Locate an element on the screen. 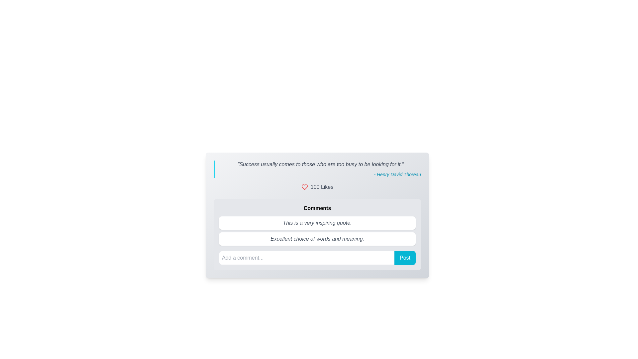  the likes button that displays the number of likes and allows toggling the like status, located in the panel section below the quote text is located at coordinates (317, 187).